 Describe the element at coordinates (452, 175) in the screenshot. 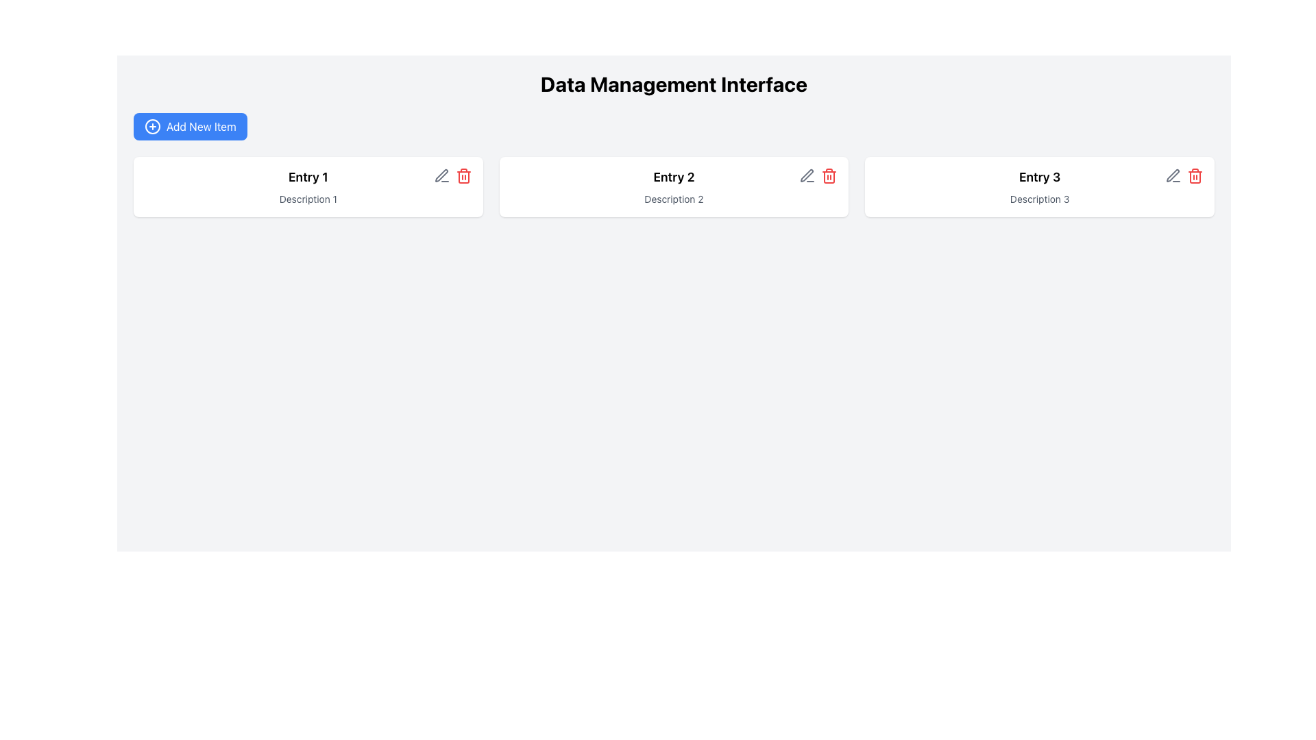

I see `the delete icon (red trash bin) located in the top-right corner of the card labeled 'Entry 1'` at that location.